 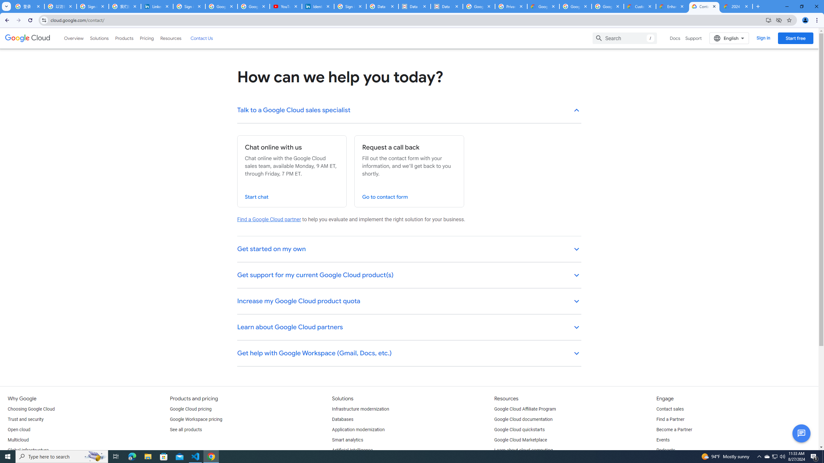 What do you see at coordinates (575, 6) in the screenshot?
I see `'Google Workspace - Specific Terms'` at bounding box center [575, 6].